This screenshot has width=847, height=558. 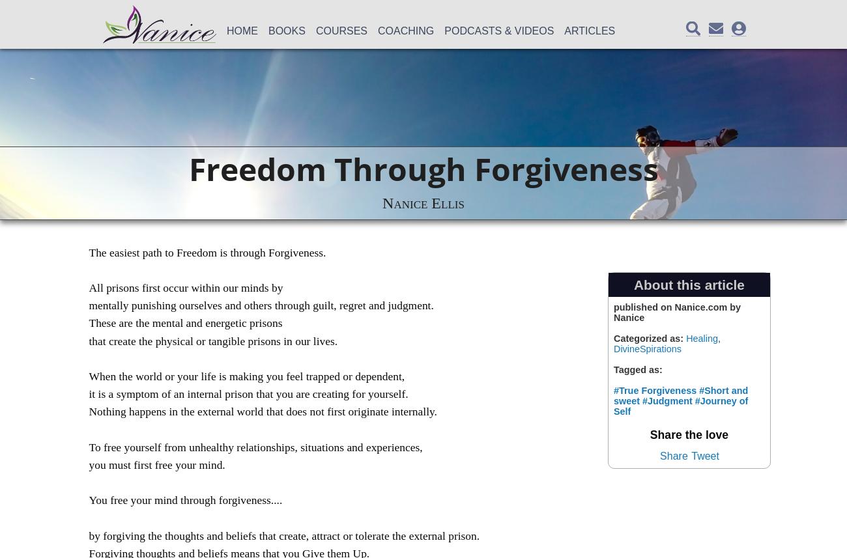 What do you see at coordinates (646, 348) in the screenshot?
I see `'DivineSpirations'` at bounding box center [646, 348].